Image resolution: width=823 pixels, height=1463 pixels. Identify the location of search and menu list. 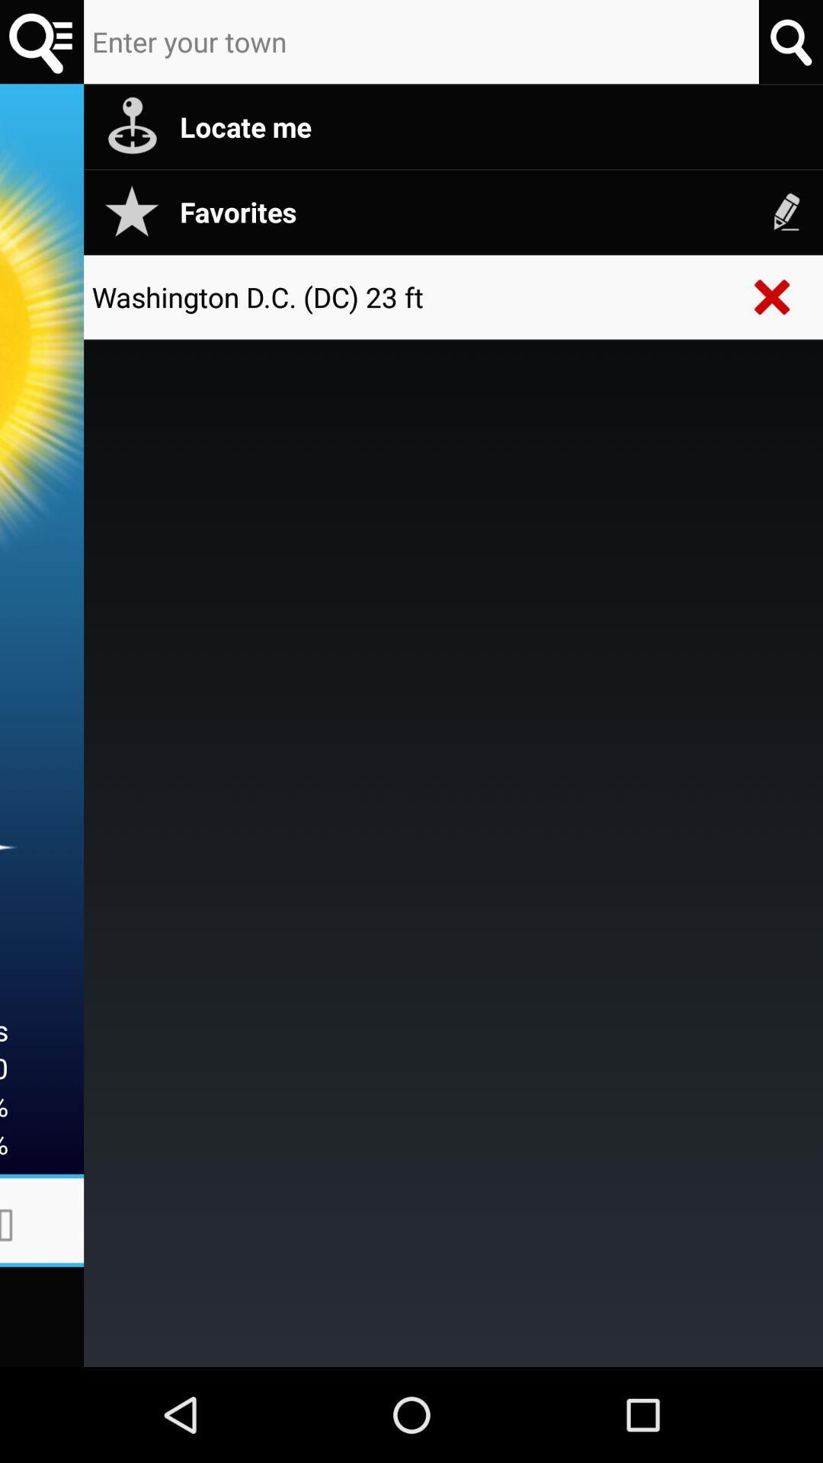
(41, 42).